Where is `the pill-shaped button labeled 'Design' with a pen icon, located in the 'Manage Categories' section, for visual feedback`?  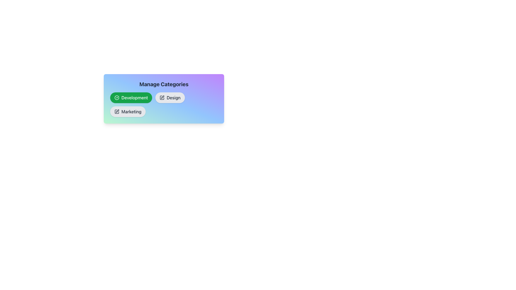
the pill-shaped button labeled 'Design' with a pen icon, located in the 'Manage Categories' section, for visual feedback is located at coordinates (170, 97).